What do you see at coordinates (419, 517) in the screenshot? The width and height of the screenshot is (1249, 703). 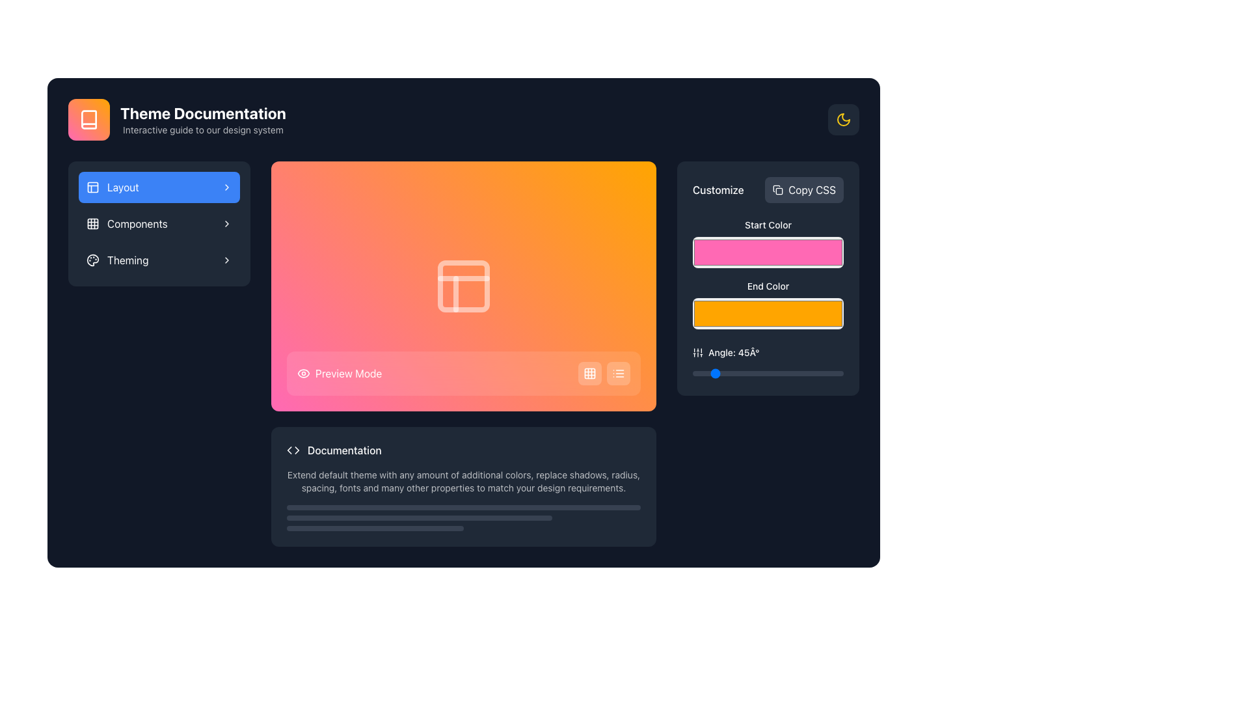 I see `the second horizontal progress indicator bar, which is a narrow dark gray rounded bar located between a full-width bar above and a half-width bar below` at bounding box center [419, 517].